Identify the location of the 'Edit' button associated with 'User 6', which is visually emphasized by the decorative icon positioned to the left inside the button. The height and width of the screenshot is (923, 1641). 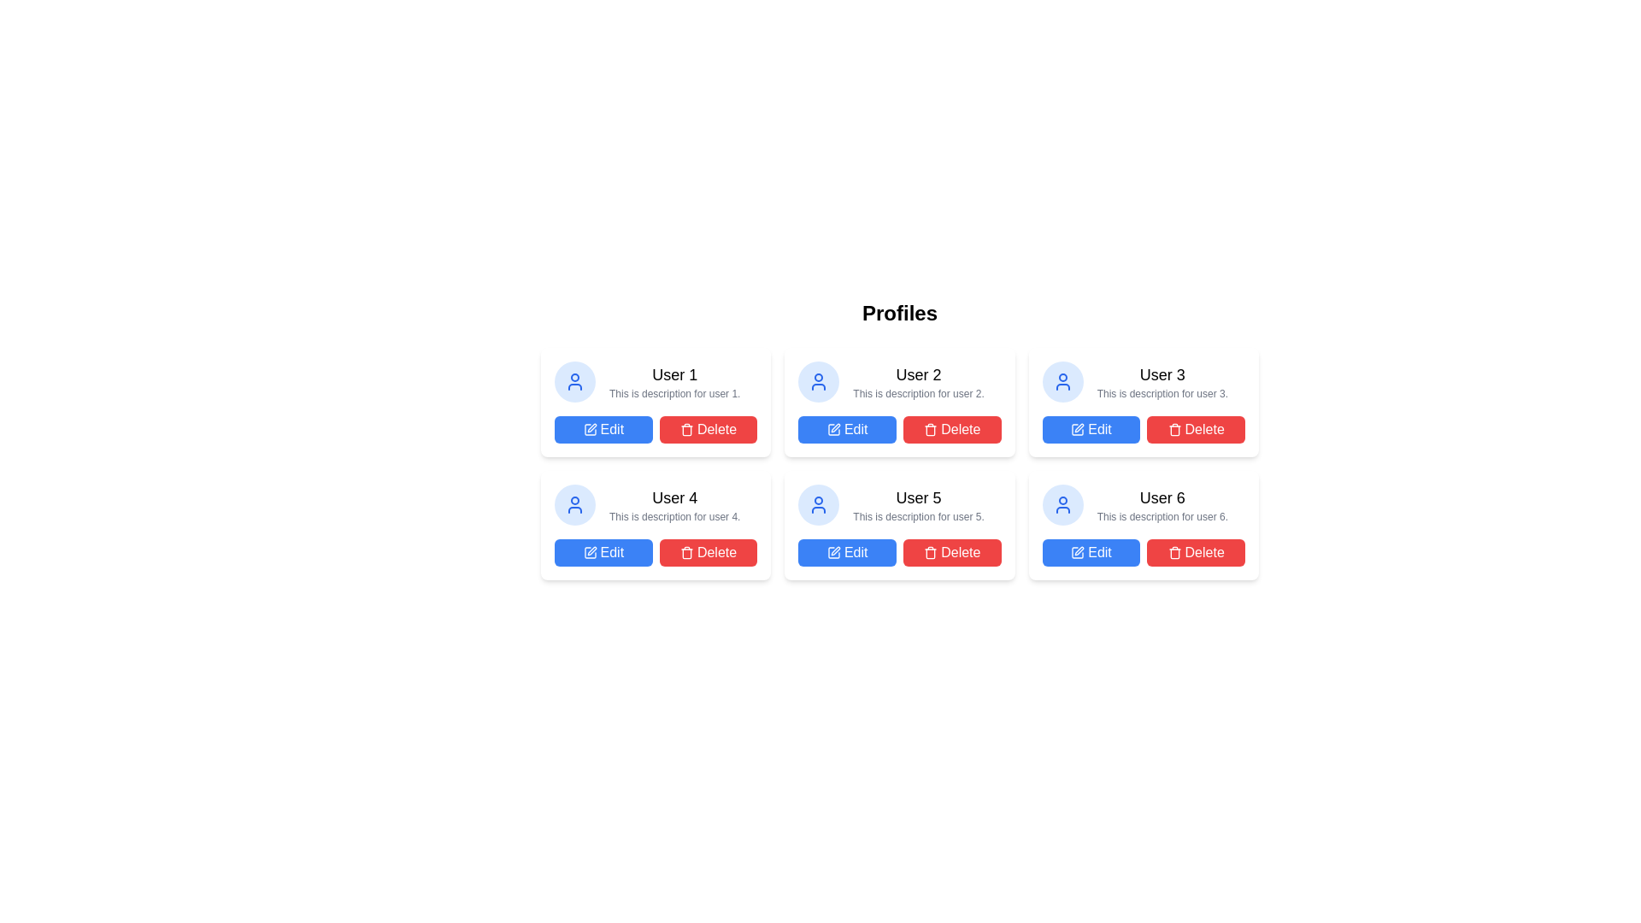
(1077, 553).